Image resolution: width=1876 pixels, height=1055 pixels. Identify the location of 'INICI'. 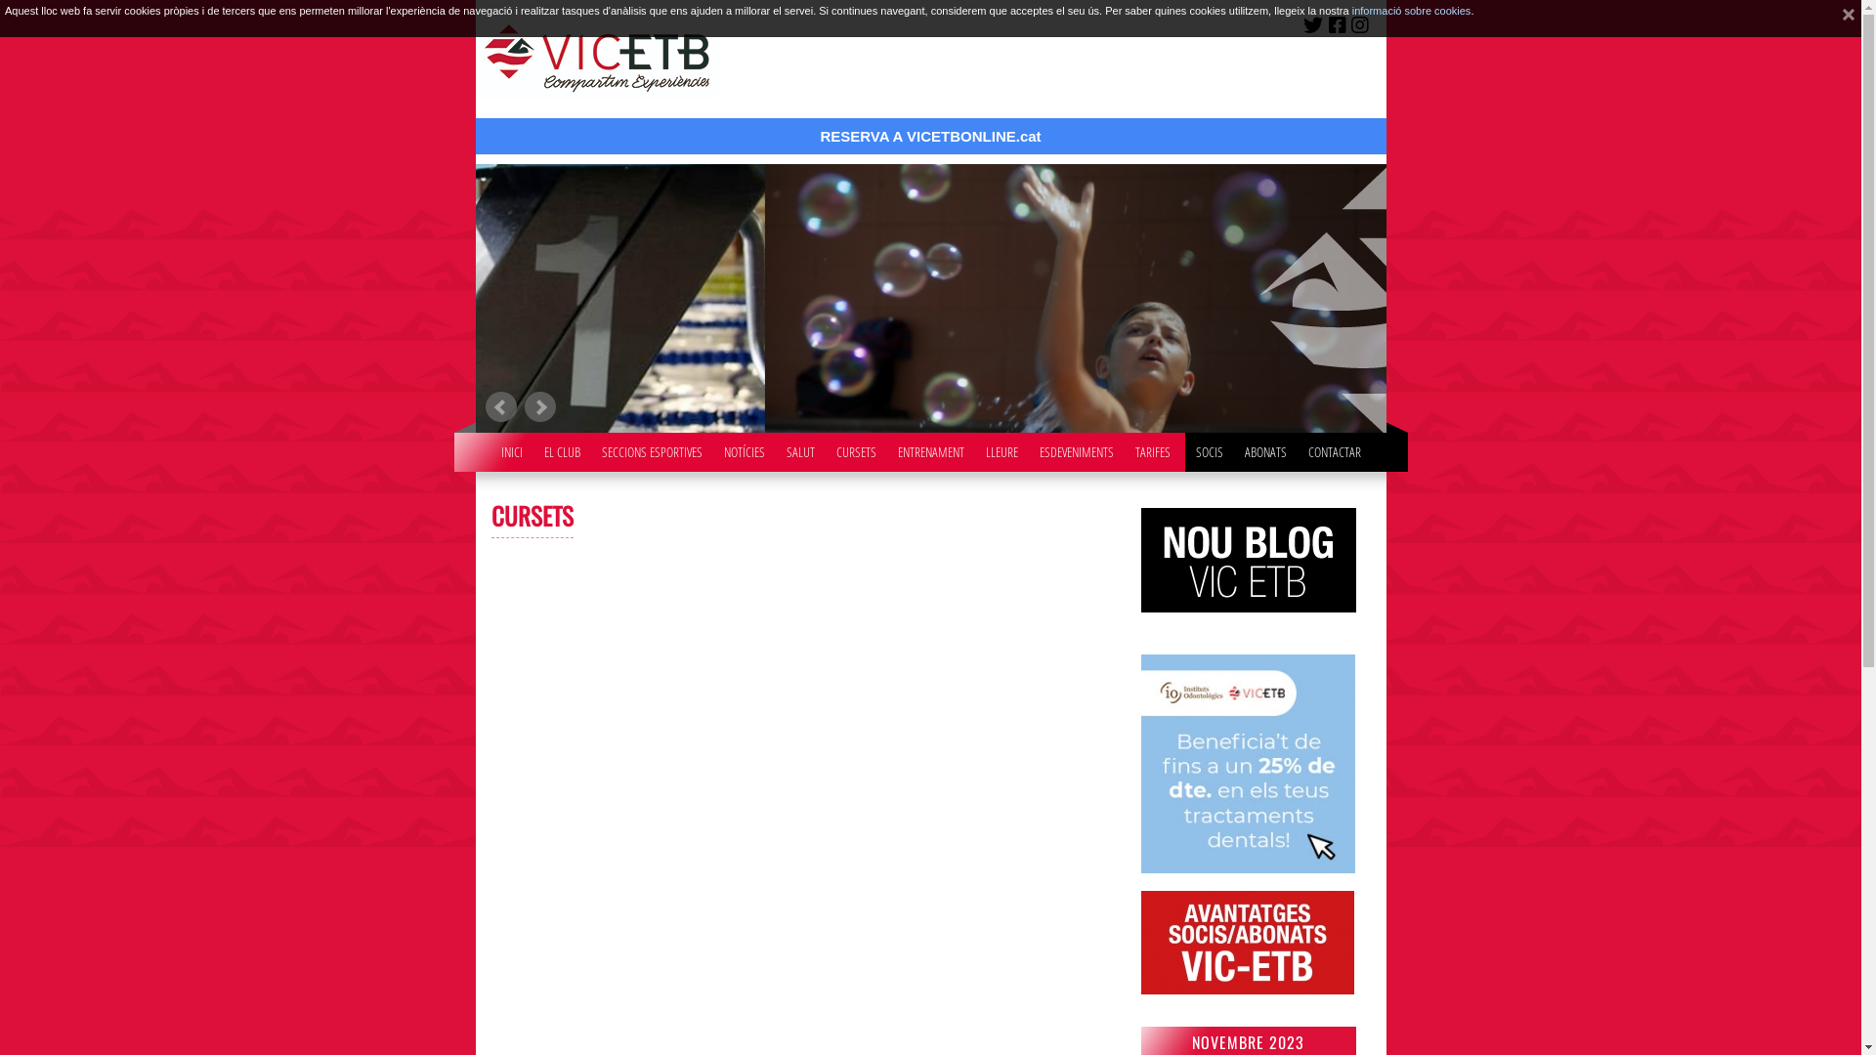
(490, 447).